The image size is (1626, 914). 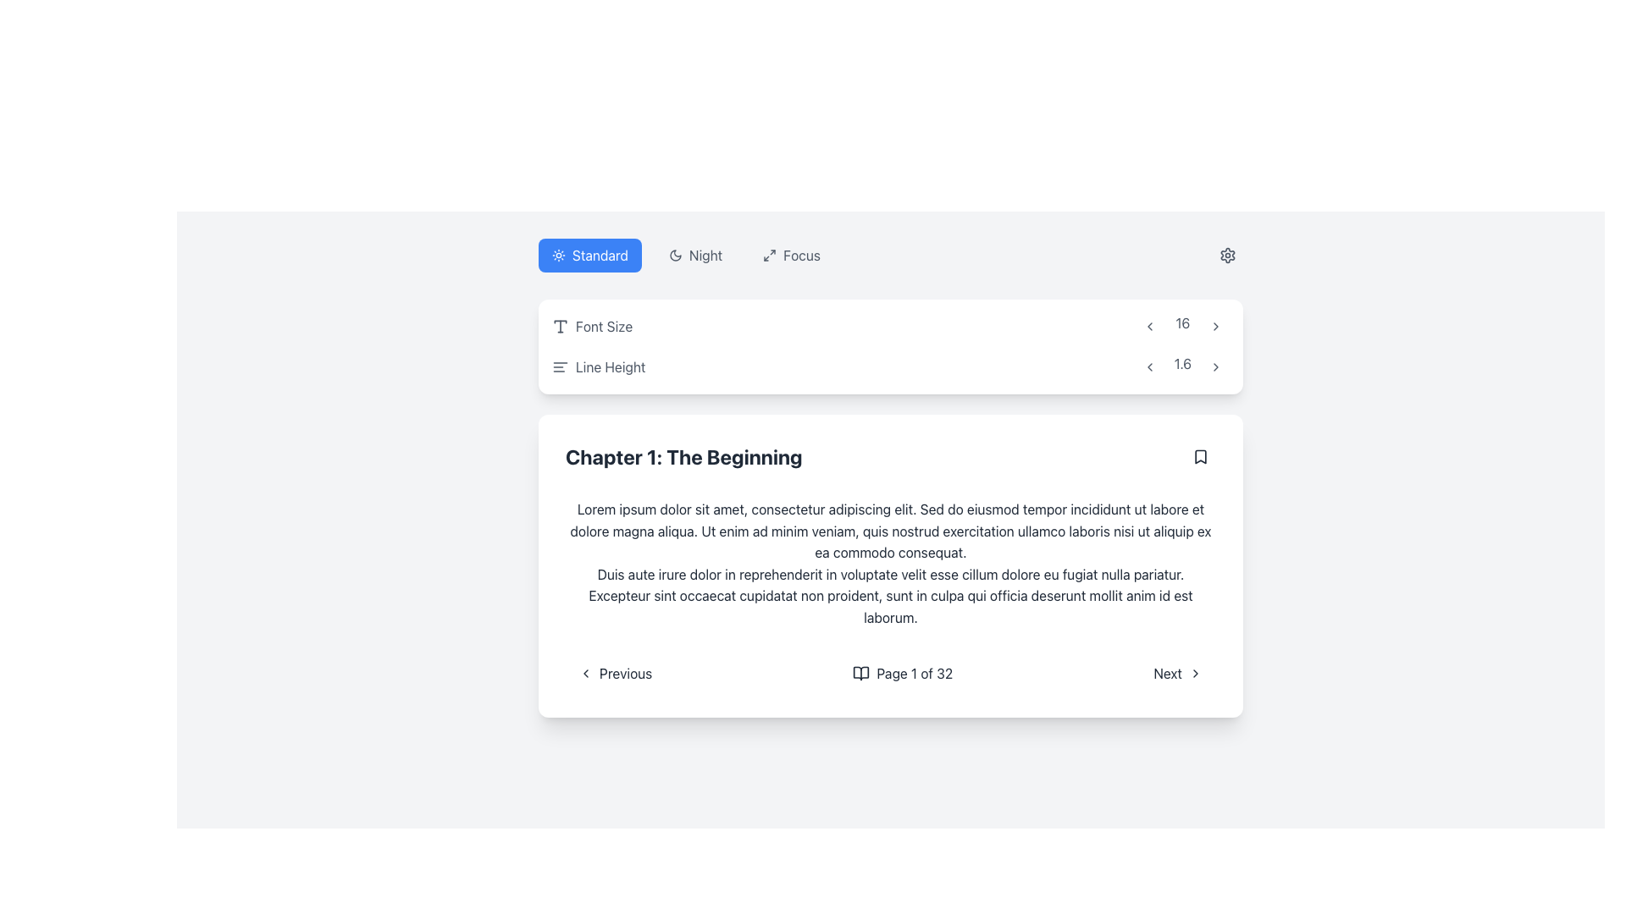 I want to click on the text element displaying the current value of the line-height setting, located in the upper-right section of the interface between the left and right arrow buttons, so click(x=1181, y=366).